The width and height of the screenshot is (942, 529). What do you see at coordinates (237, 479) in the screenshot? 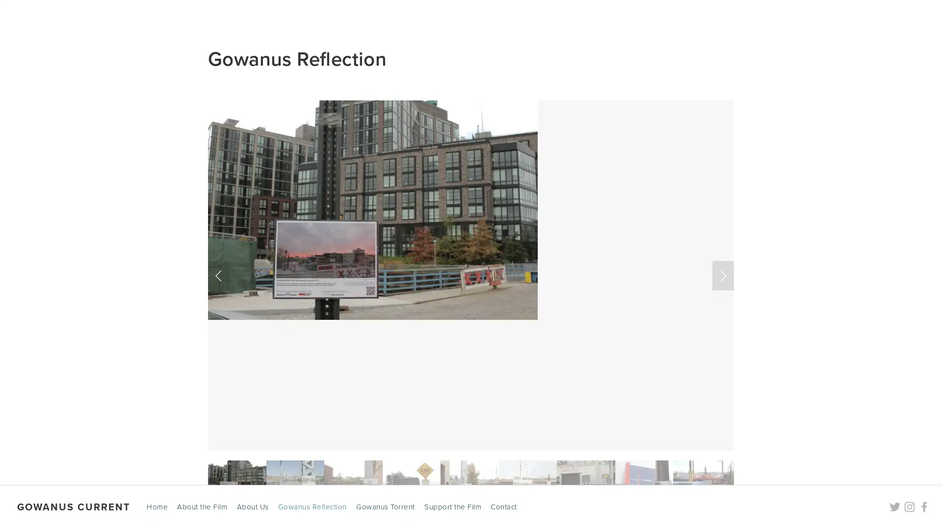
I see `Slide 1` at bounding box center [237, 479].